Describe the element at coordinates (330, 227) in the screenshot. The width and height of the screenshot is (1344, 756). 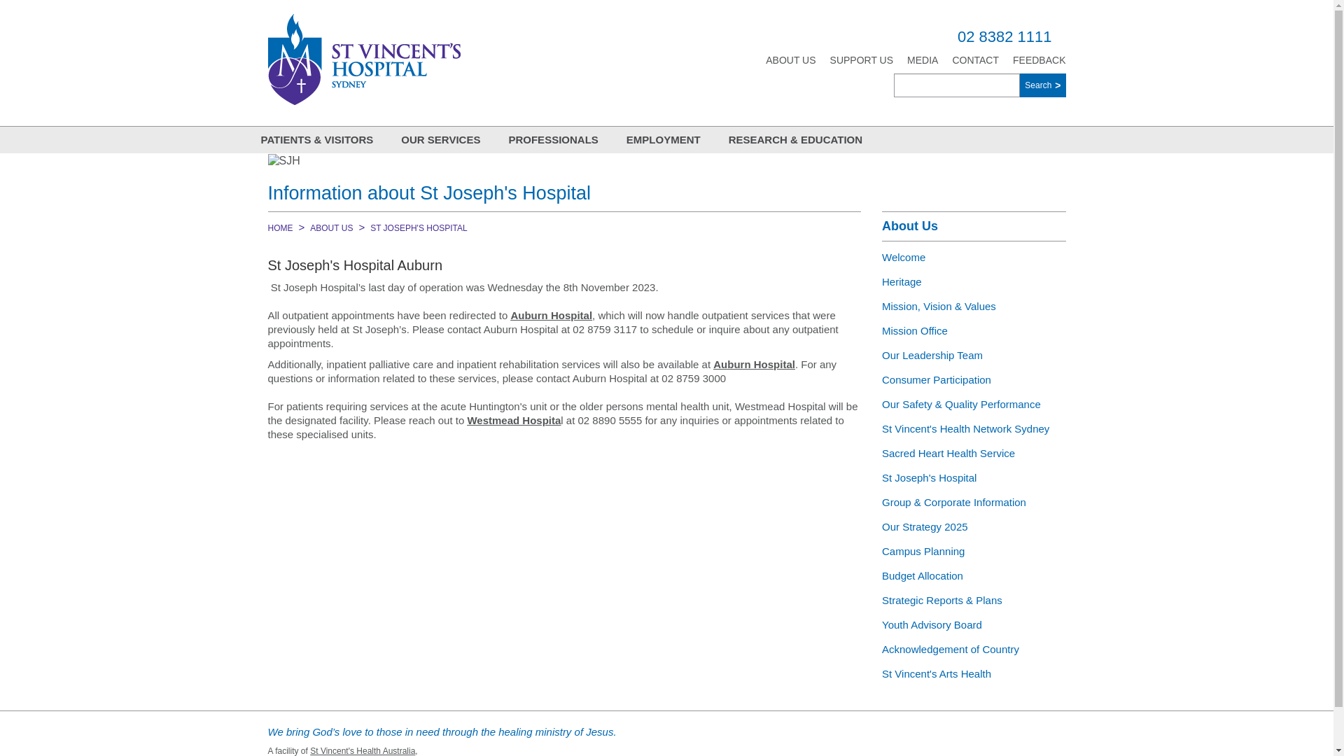
I see `'ABOUT US'` at that location.